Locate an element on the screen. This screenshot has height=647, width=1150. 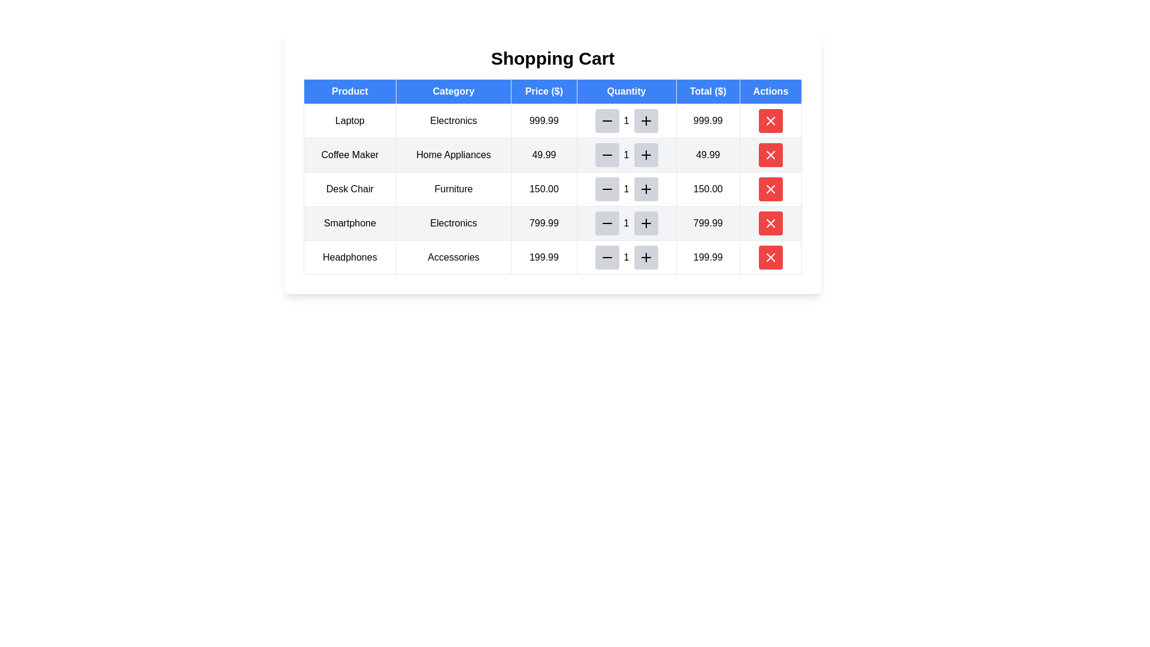
the plus sign button in the quantity column for the Desk Chair item in the shopping cart interface is located at coordinates (645, 189).